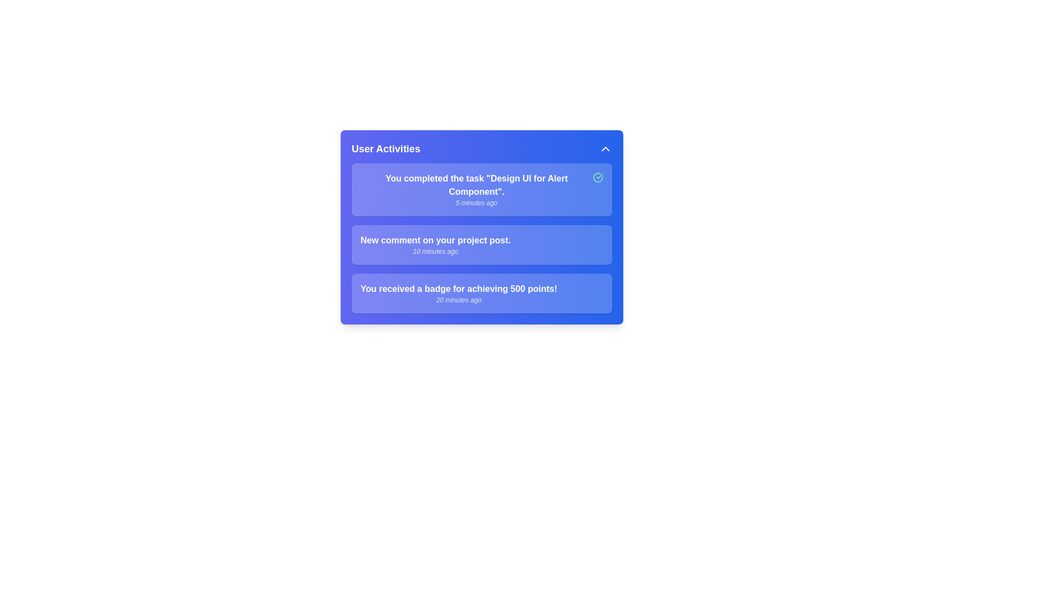  I want to click on notification content from the second entry in the vertical list within the blue panel titled 'User Activities', which informs about a new comment on the project post, so click(434, 244).